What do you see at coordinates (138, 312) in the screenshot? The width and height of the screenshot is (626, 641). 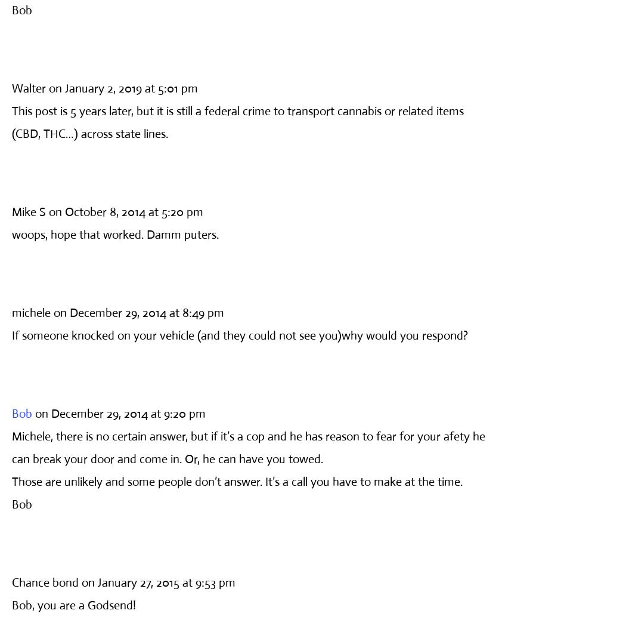 I see `'on December 29, 2014 at 8:49 pm'` at bounding box center [138, 312].